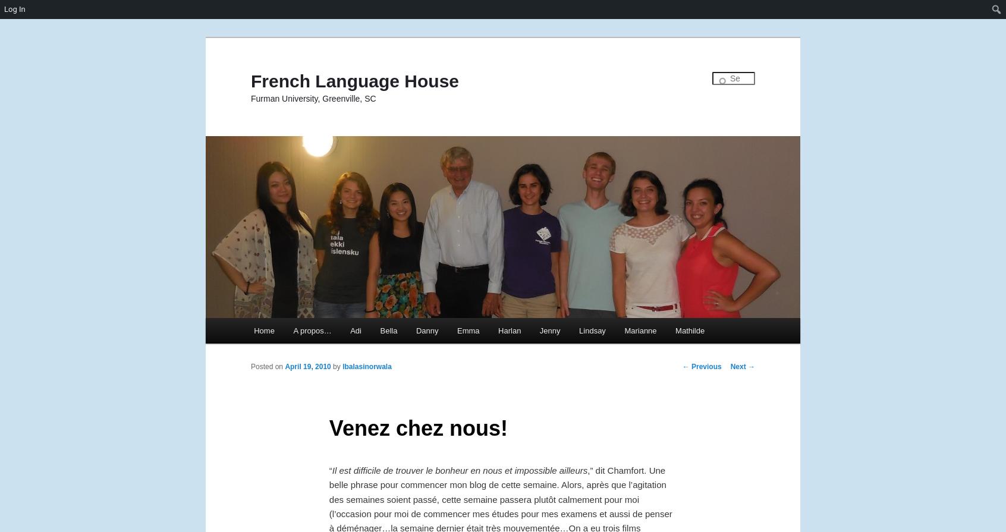  I want to click on 'Venez chez nous!', so click(418, 427).